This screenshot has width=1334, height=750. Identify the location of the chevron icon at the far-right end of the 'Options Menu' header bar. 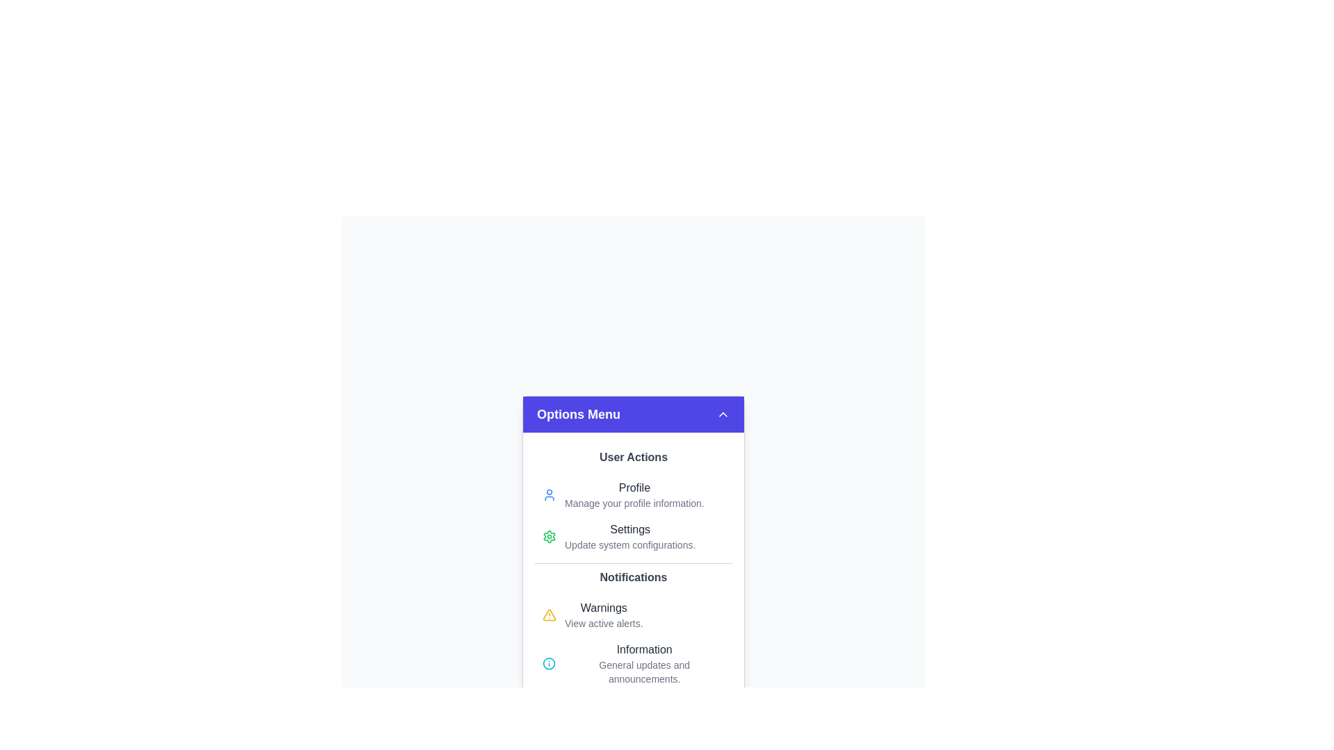
(723, 414).